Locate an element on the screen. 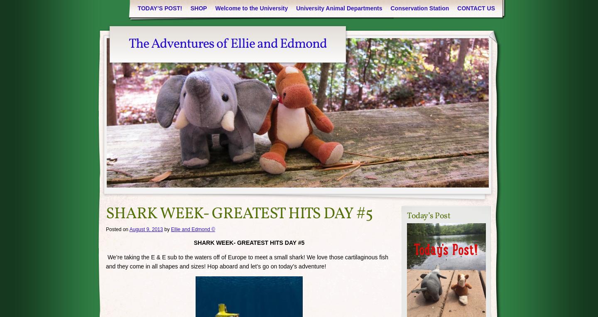 The height and width of the screenshot is (317, 598). 'SHARK WEEK- GREATEST HITS DAY #5' is located at coordinates (239, 213).